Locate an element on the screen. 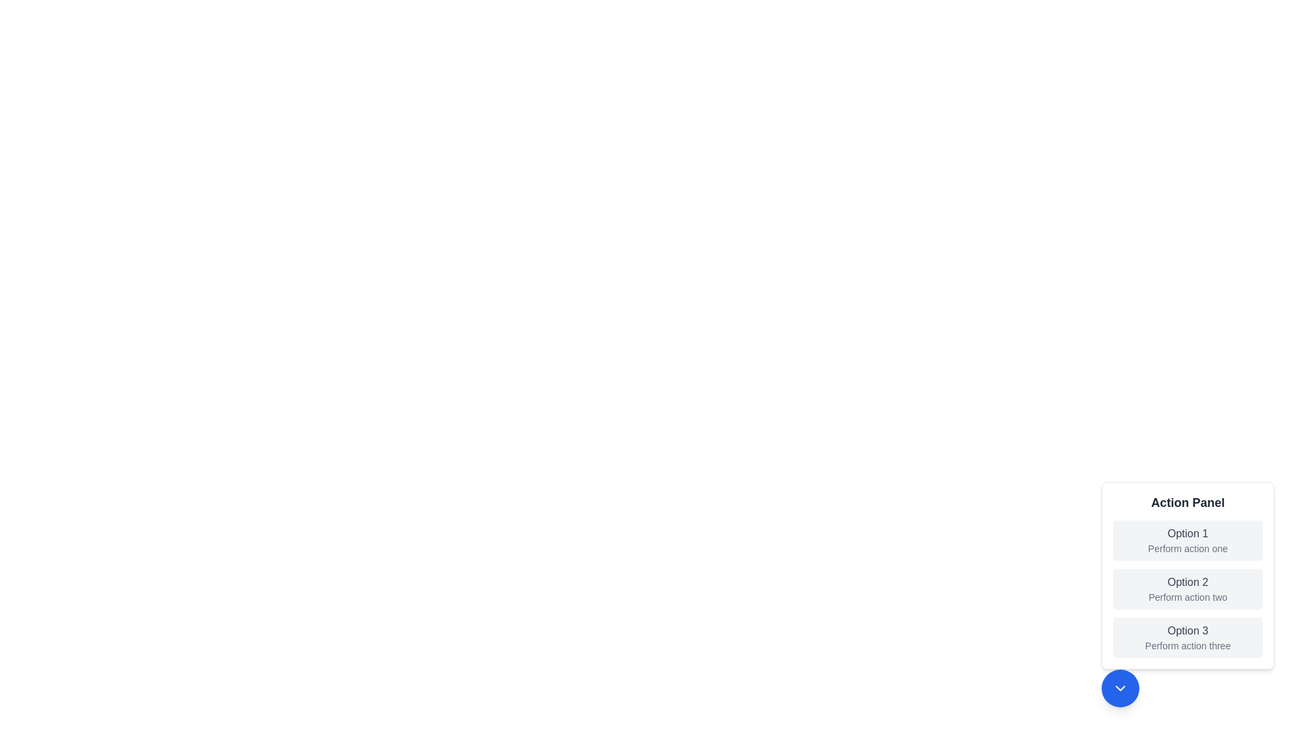 Image resolution: width=1296 pixels, height=729 pixels. the text label displaying 'Perform action one' which is located below the 'Option 1' header in the segmented option panel is located at coordinates (1188, 549).